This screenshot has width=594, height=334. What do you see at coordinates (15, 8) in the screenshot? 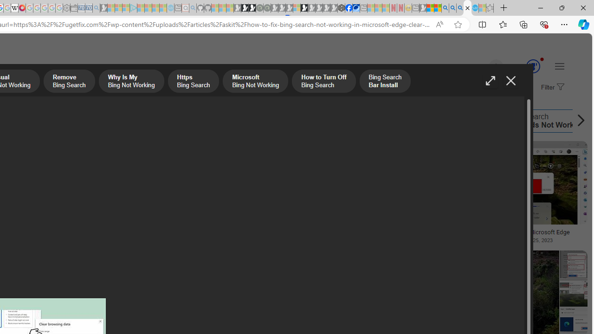
I see `'Target page - Wikipedia'` at bounding box center [15, 8].